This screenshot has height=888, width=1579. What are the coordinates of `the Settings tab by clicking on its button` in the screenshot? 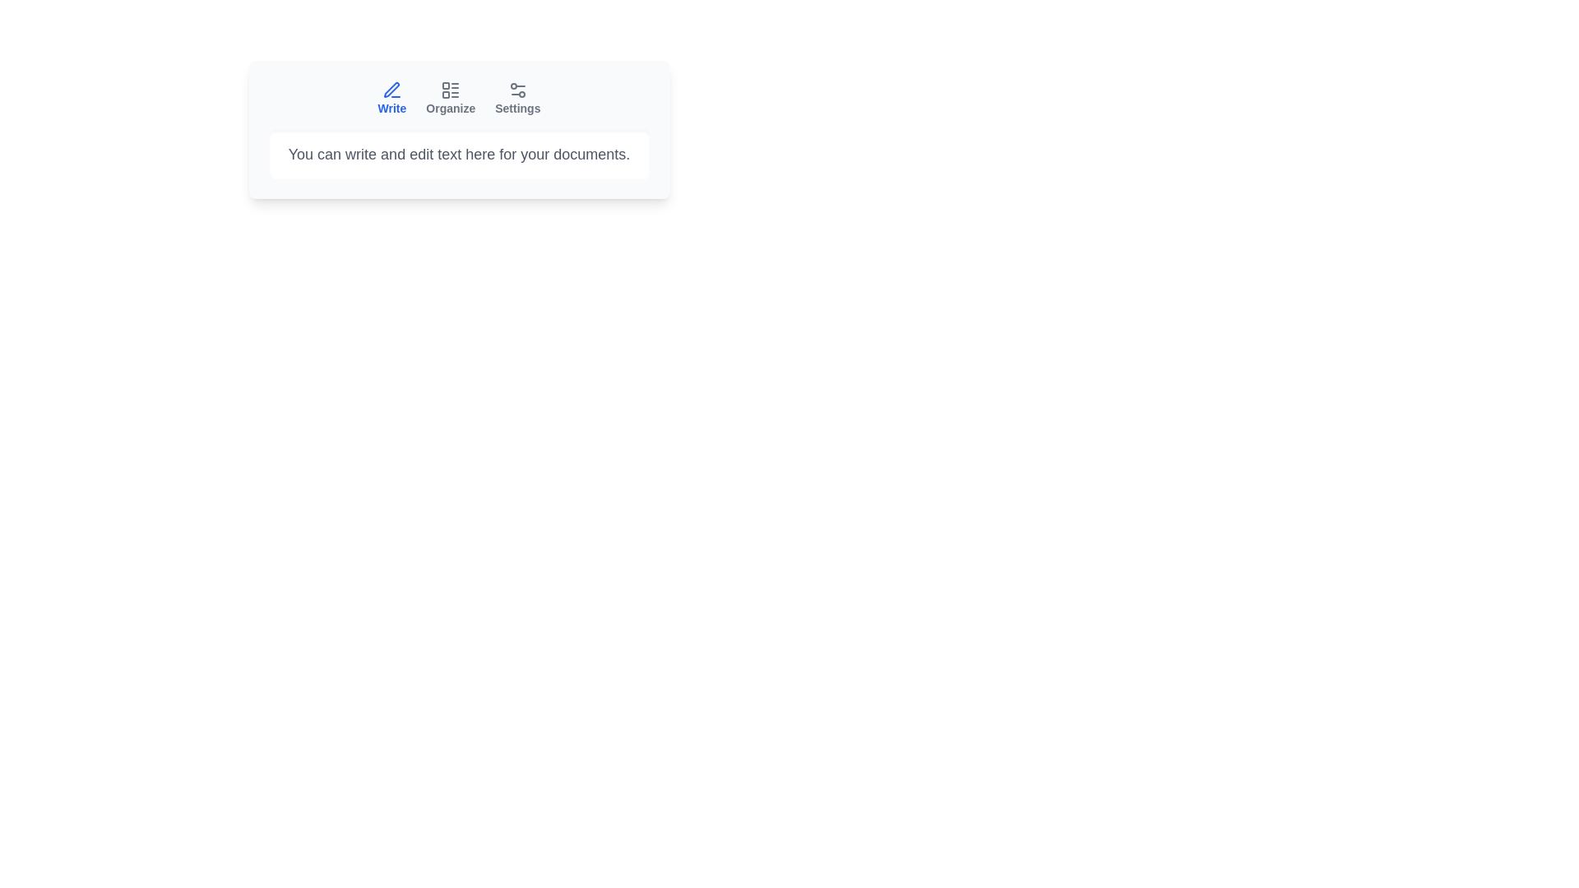 It's located at (516, 98).